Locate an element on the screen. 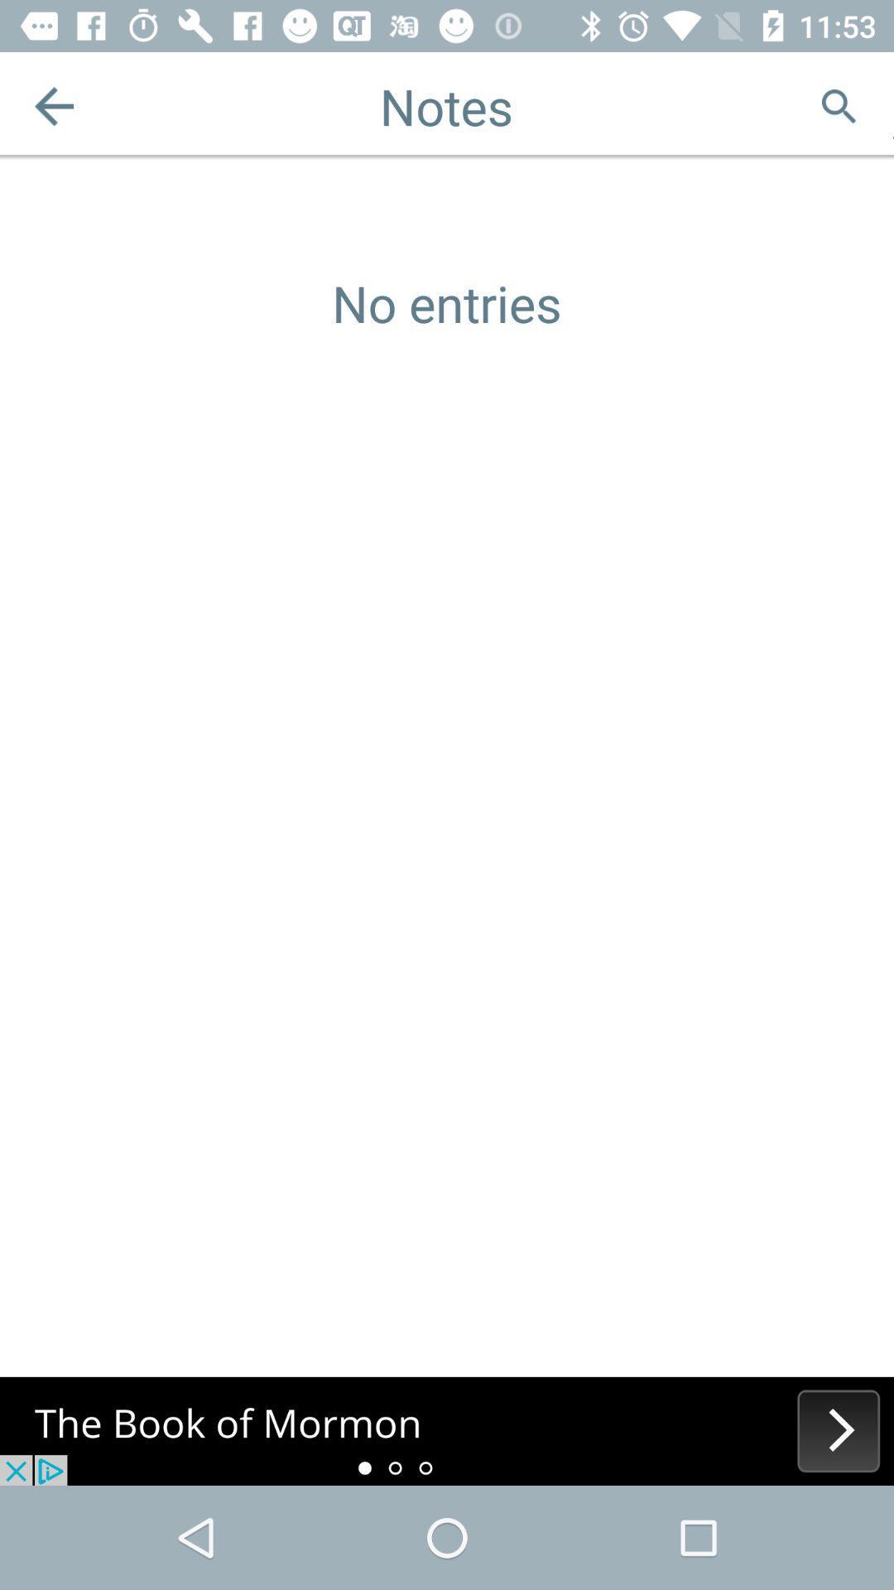 The image size is (894, 1590). go back is located at coordinates (53, 105).